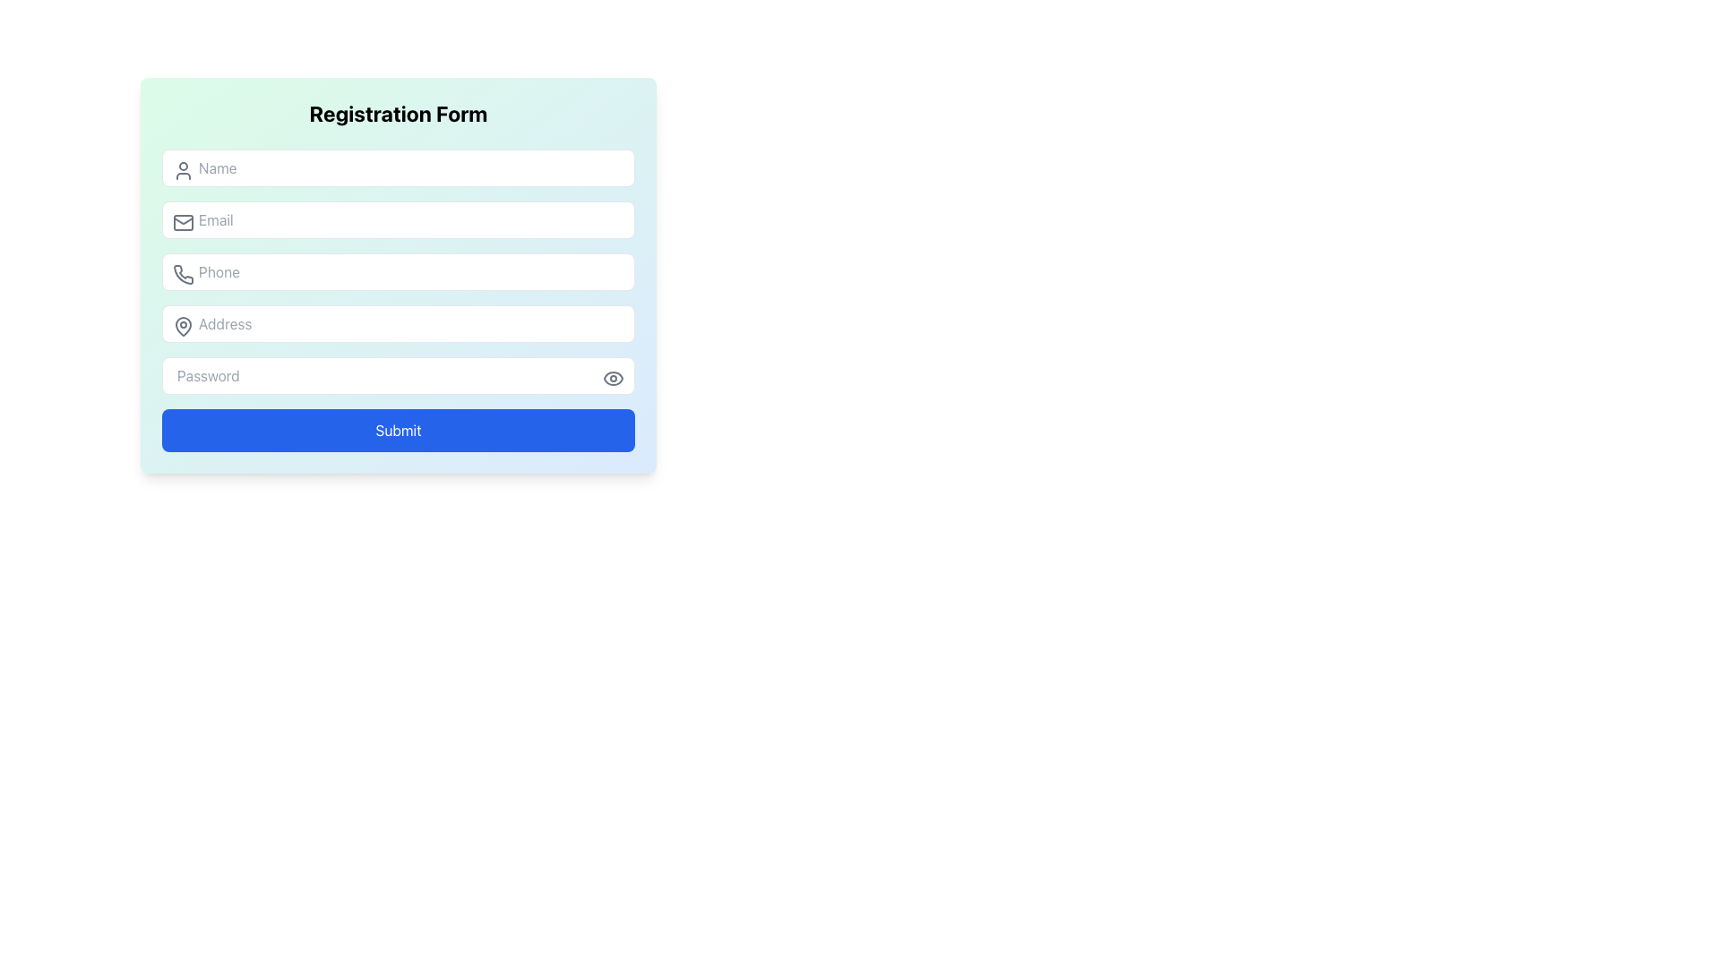 The width and height of the screenshot is (1720, 967). Describe the element at coordinates (184, 275) in the screenshot. I see `the phone icon, which is a classic handset styled with a gray outline and positioned to the left of the 'Phone' text input field` at that location.